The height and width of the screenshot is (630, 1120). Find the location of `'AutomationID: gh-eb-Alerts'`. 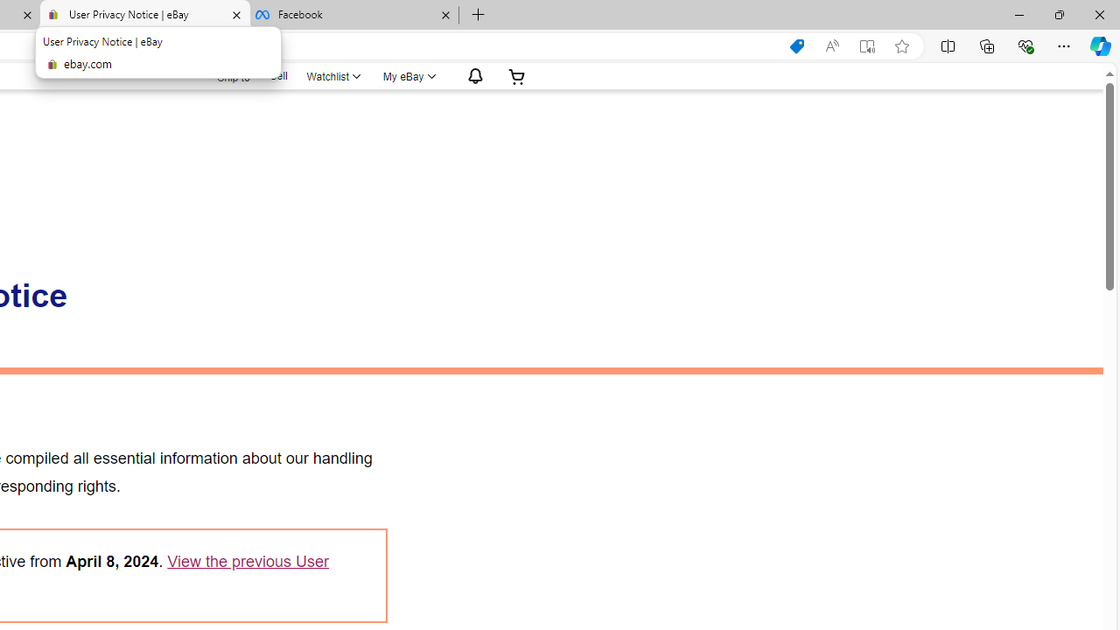

'AutomationID: gh-eb-Alerts' is located at coordinates (472, 75).